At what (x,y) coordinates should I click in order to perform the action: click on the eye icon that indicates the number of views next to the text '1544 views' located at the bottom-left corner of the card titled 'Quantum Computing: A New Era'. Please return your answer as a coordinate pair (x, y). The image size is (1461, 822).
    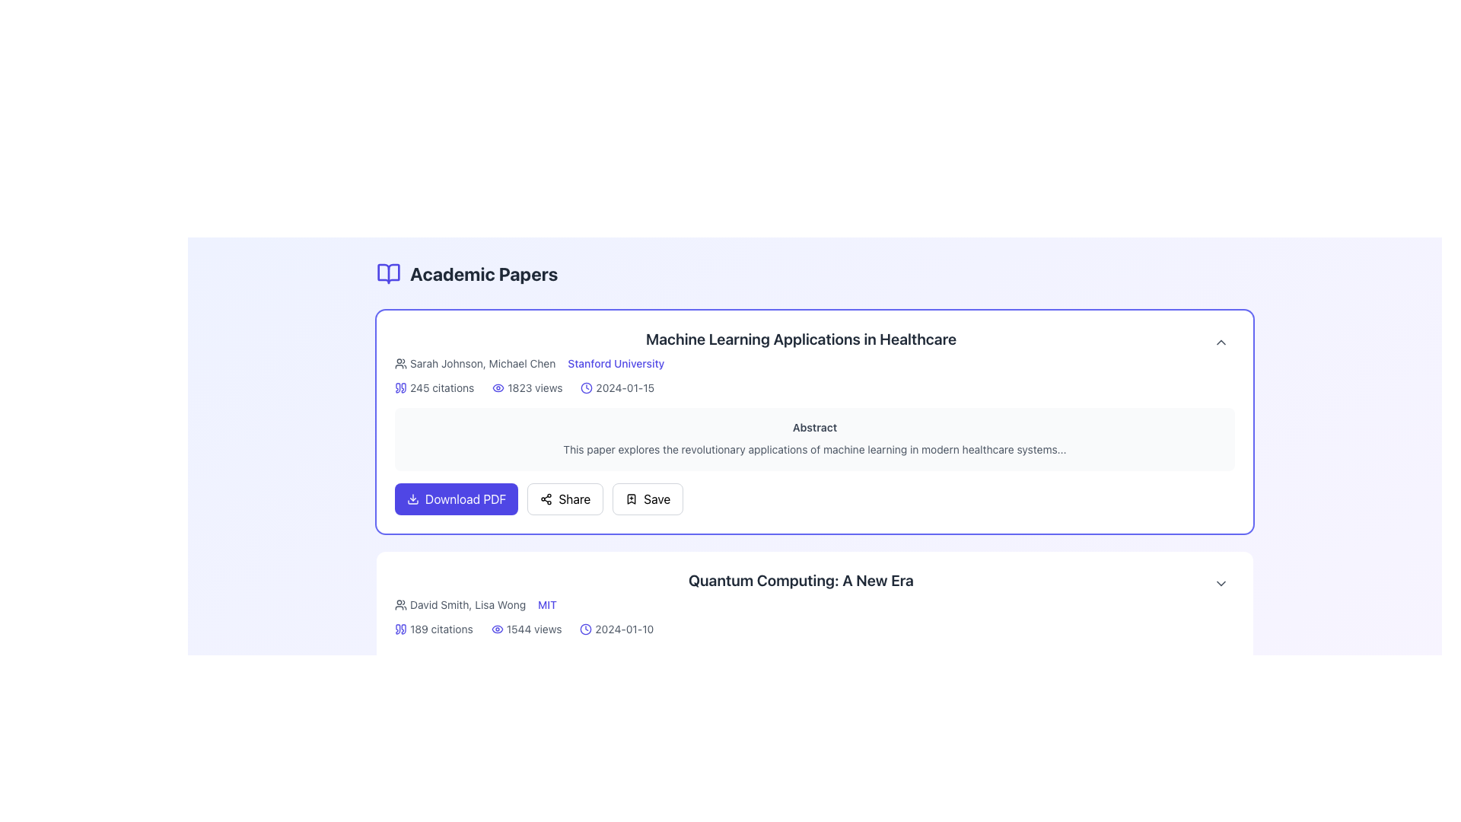
    Looking at the image, I should click on (497, 629).